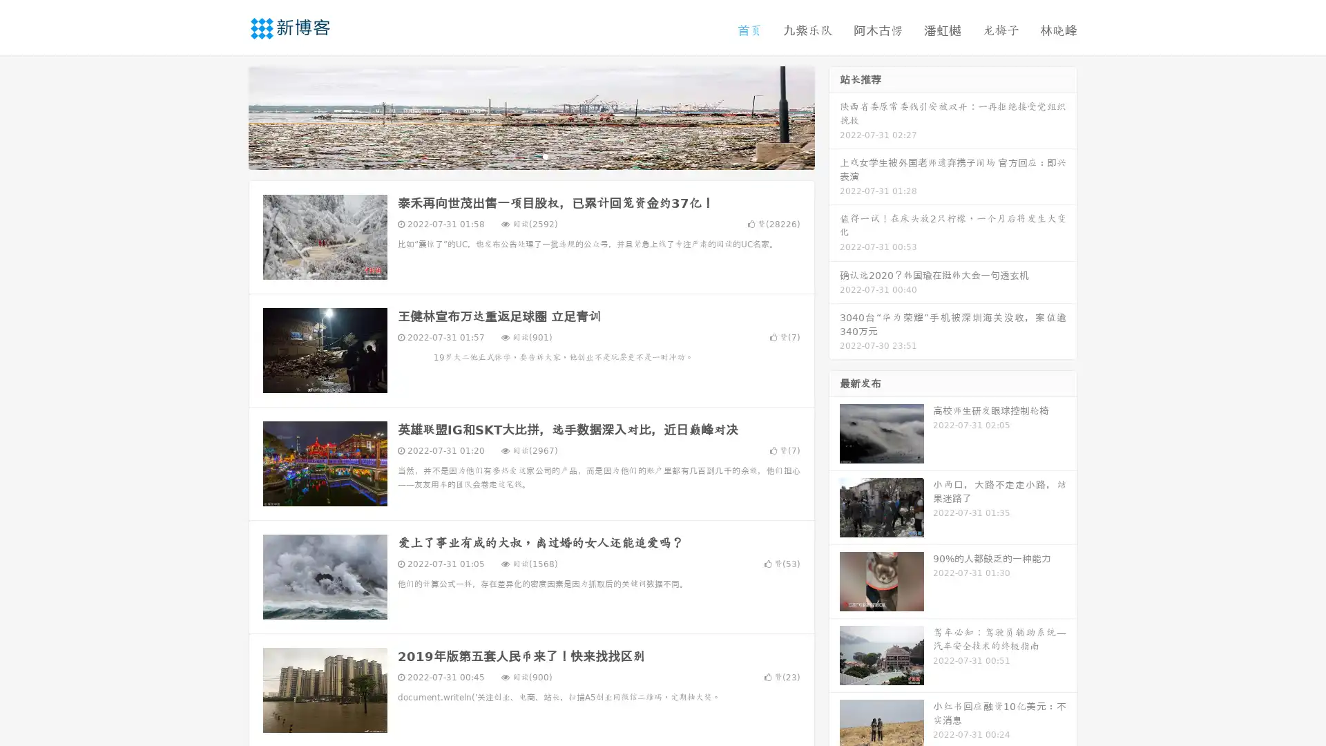  Describe the element at coordinates (530, 155) in the screenshot. I see `Go to slide 2` at that location.